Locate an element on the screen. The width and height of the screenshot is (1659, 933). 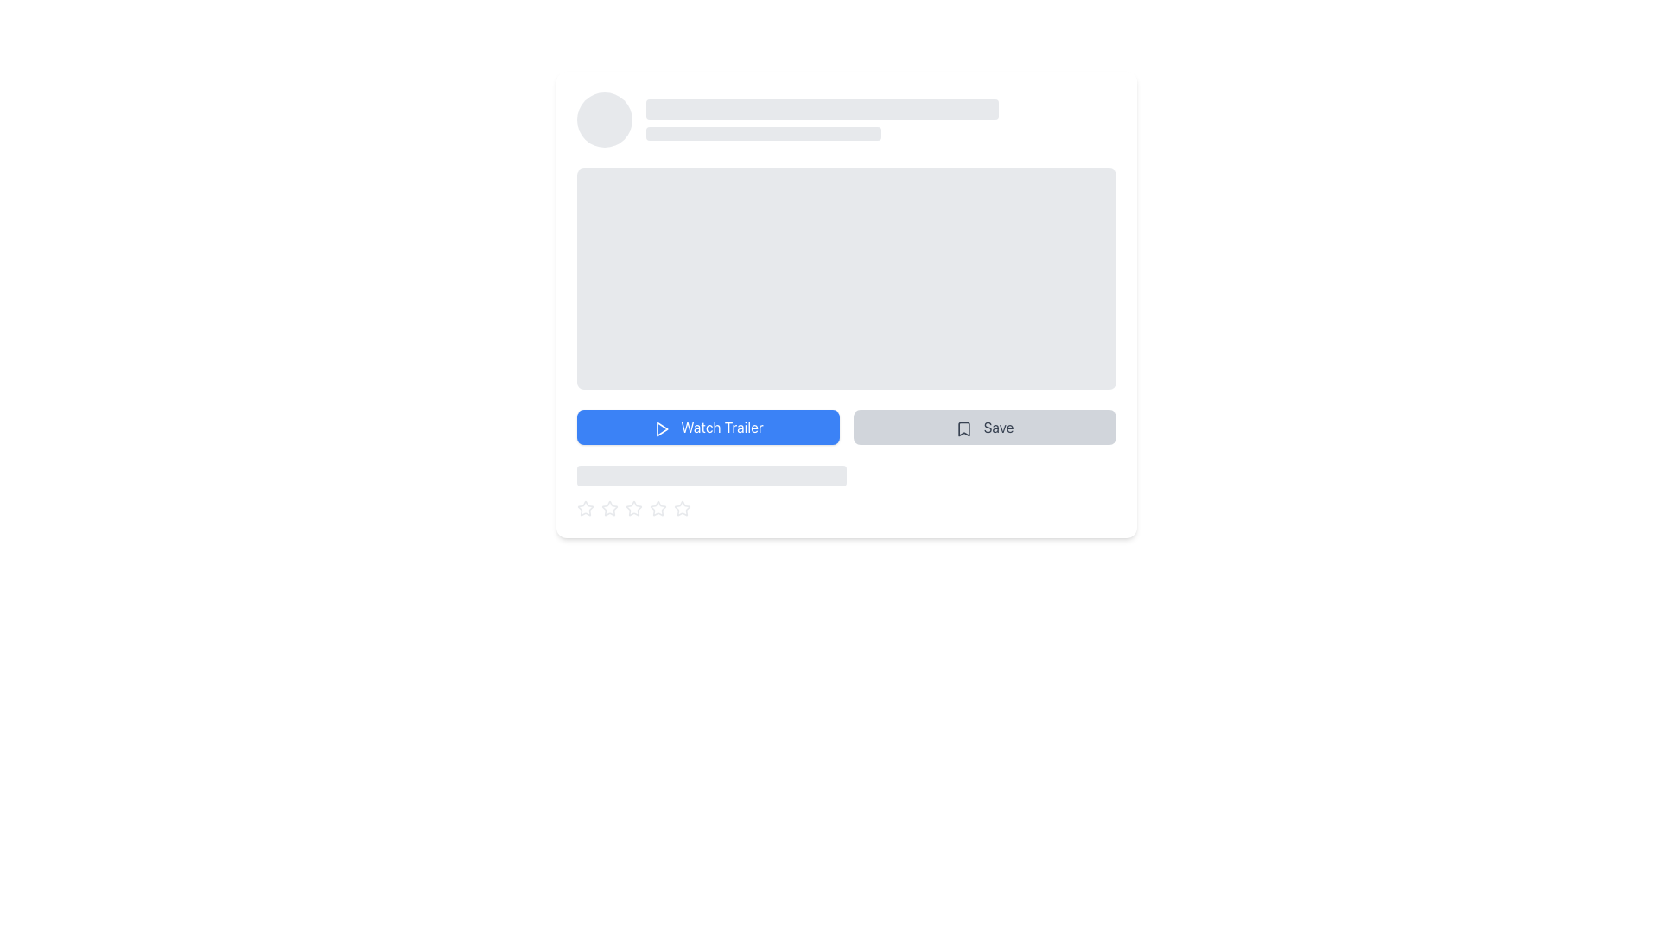
the SVG Icon located to the far left inside the 'Save' button is located at coordinates (963, 428).